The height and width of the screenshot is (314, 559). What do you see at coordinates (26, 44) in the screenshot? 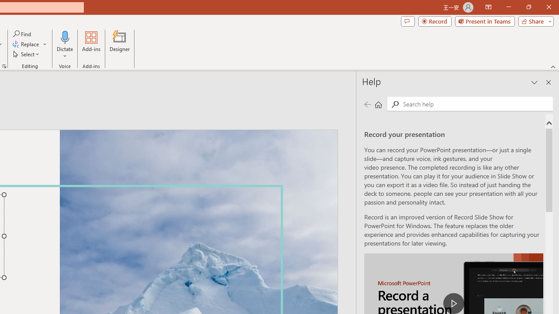
I see `'Replace...'` at bounding box center [26, 44].